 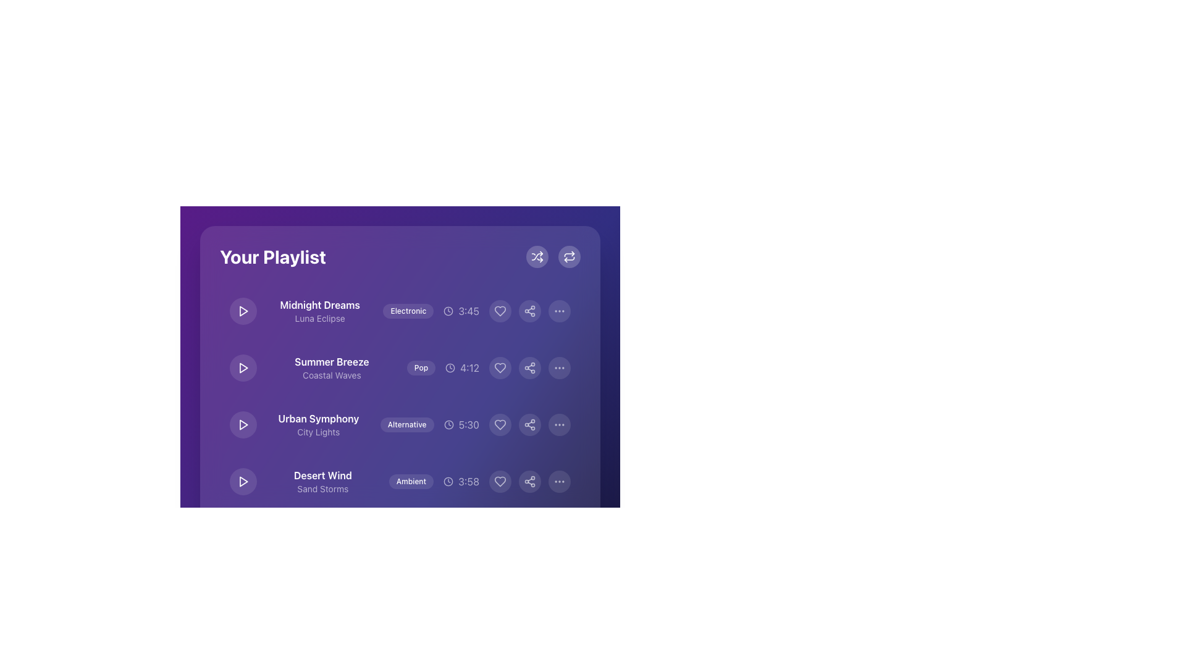 What do you see at coordinates (320, 304) in the screenshot?
I see `the text label displaying the title of the song or playlist item, which is located within the first item of the 'Your Playlist' section` at bounding box center [320, 304].